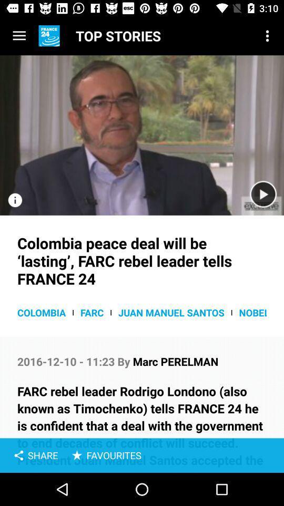  What do you see at coordinates (262, 194) in the screenshot?
I see `video` at bounding box center [262, 194].